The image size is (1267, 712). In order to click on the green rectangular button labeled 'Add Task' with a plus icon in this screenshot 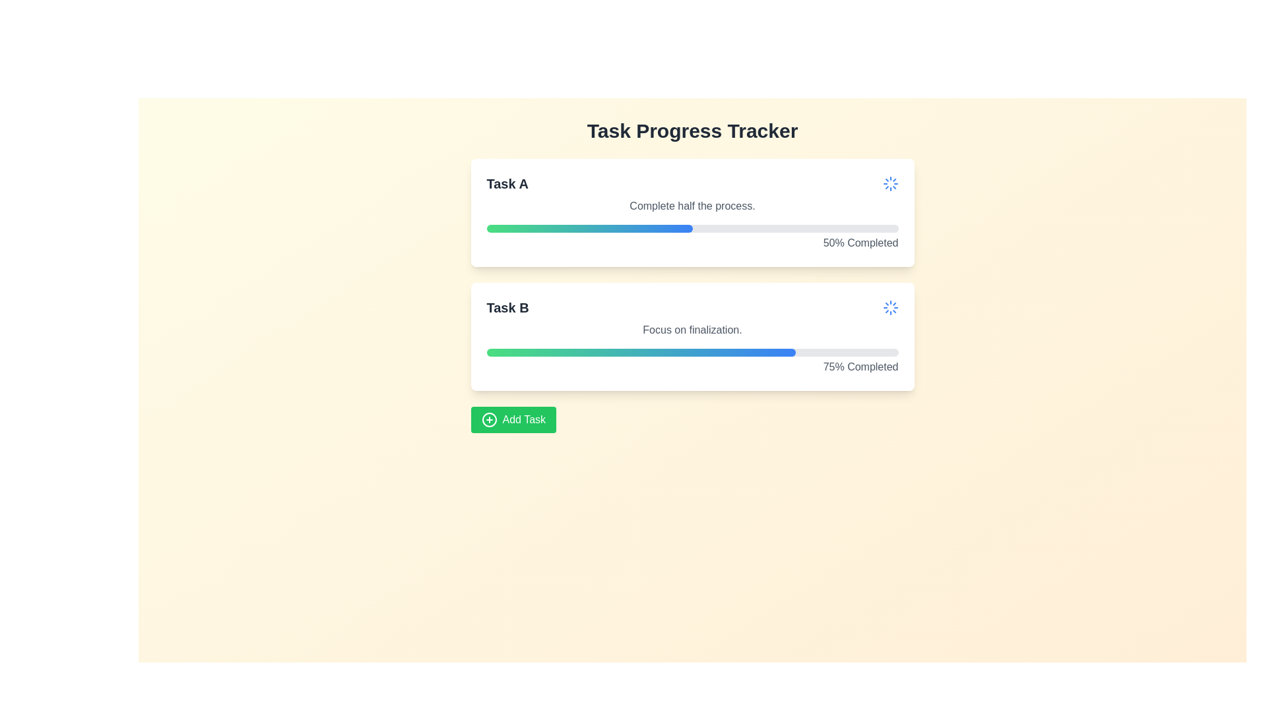, I will do `click(513, 419)`.